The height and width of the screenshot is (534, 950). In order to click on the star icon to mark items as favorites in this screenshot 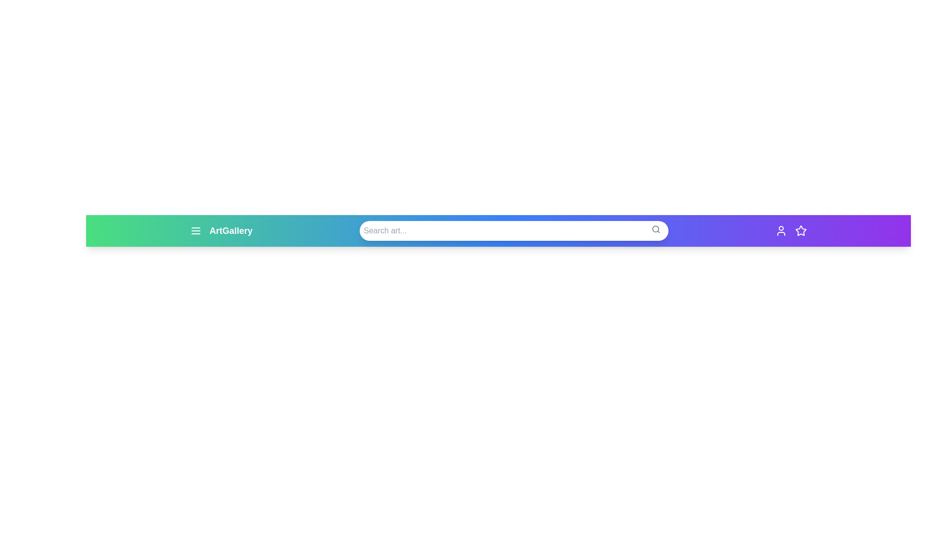, I will do `click(801, 230)`.